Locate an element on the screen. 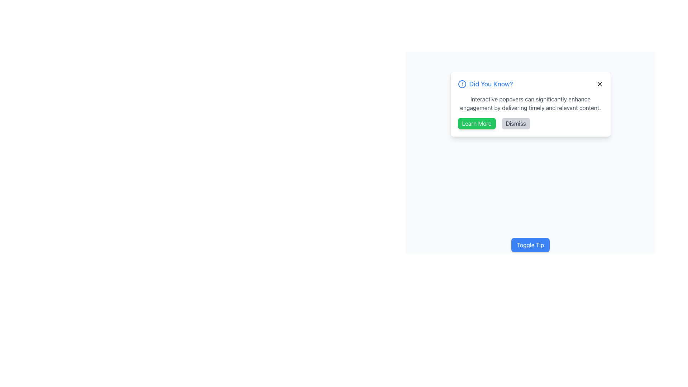 The image size is (688, 387). the 'Dismiss' button located at the bottom of the modal dialog box titled 'Did You Know?' is located at coordinates (530, 123).